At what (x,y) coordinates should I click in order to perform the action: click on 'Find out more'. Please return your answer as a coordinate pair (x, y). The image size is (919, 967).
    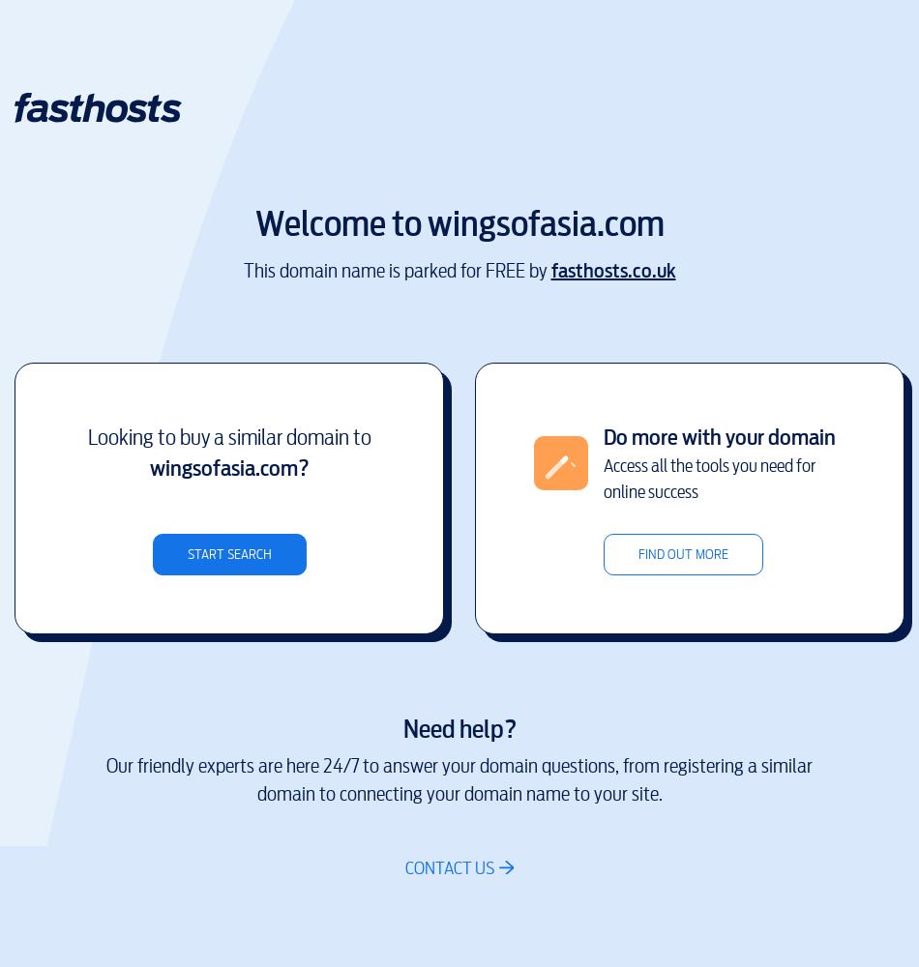
    Looking at the image, I should click on (683, 552).